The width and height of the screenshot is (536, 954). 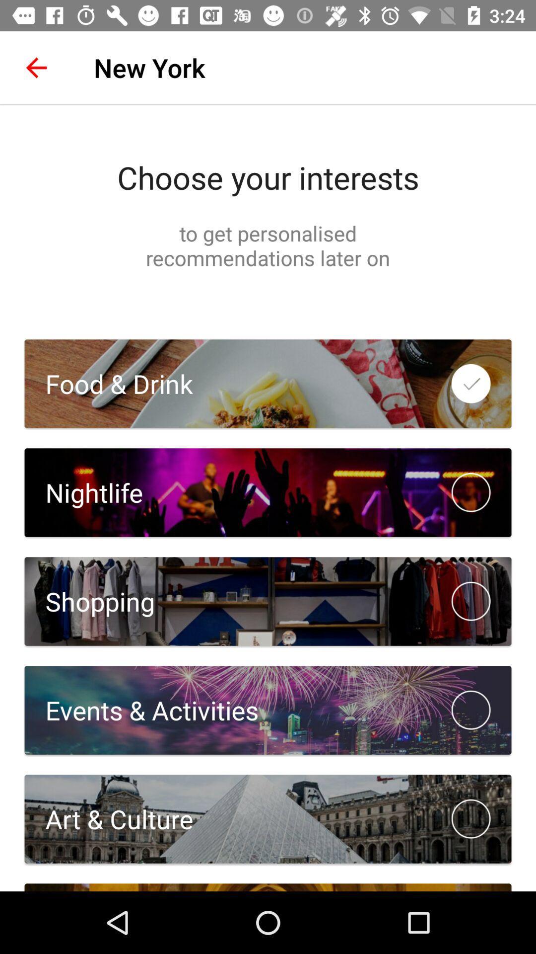 What do you see at coordinates (268, 177) in the screenshot?
I see `the choose your interests item` at bounding box center [268, 177].